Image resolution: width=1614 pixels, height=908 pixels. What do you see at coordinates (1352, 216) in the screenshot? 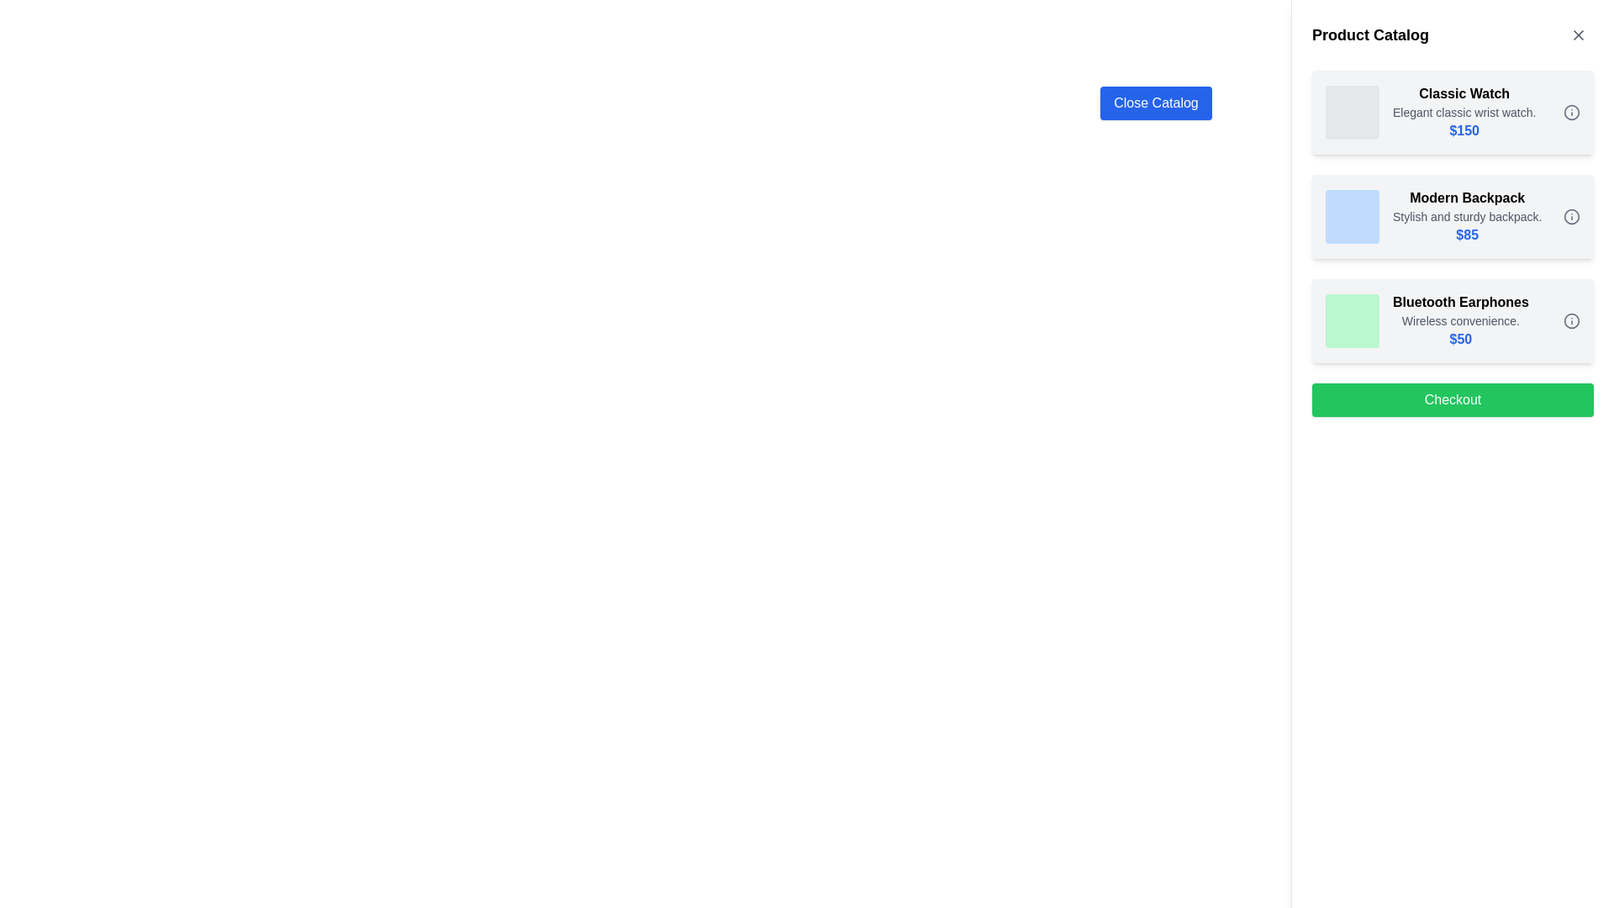
I see `the blue square visual placeholder for the 'Modern Backpack' item located` at bounding box center [1352, 216].